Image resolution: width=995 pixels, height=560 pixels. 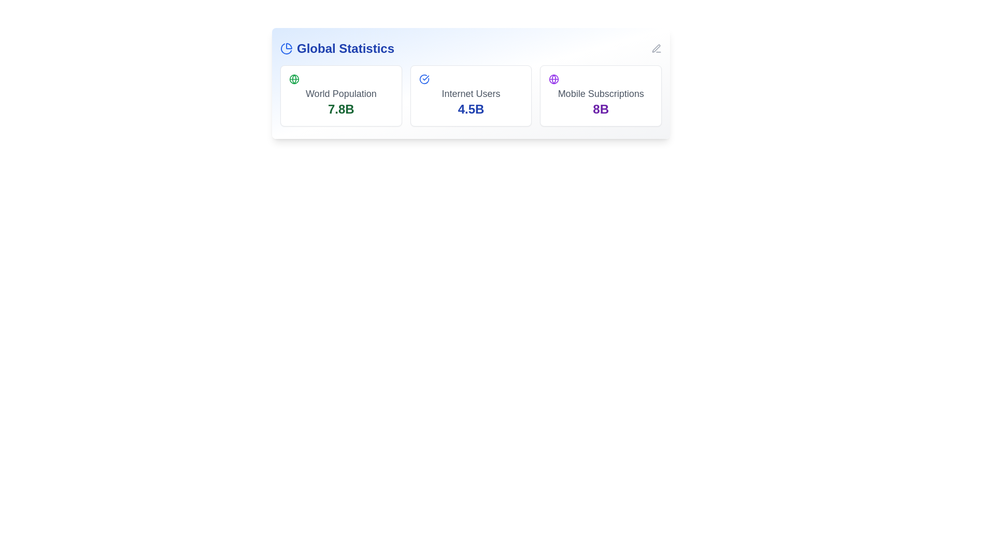 I want to click on the static text label that indicates the type of information displayed on the statistical data card, which is located above the bolded number '4.5B' and to the right of the check-in-circle icon, so click(x=470, y=94).